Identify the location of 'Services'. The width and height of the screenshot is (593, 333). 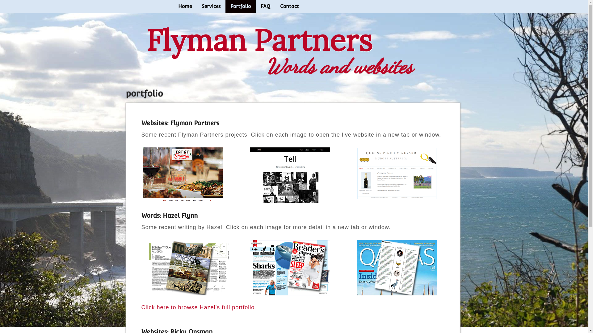
(211, 6).